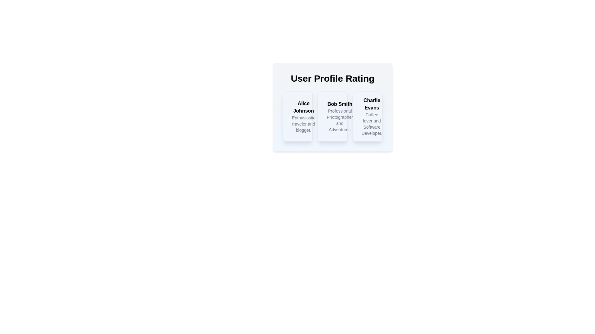  What do you see at coordinates (339, 117) in the screenshot?
I see `text label displaying the user's profile information, which includes their name and a brief description of their profession and interests, located in the center column between 'Alice Johnson' and 'Charlie Evans'` at bounding box center [339, 117].